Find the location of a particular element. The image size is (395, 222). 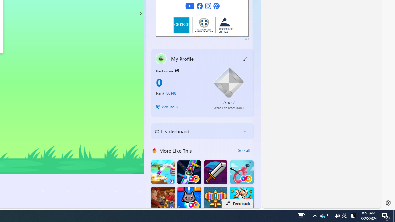

'Kitten Force FRVR' is located at coordinates (189, 198).